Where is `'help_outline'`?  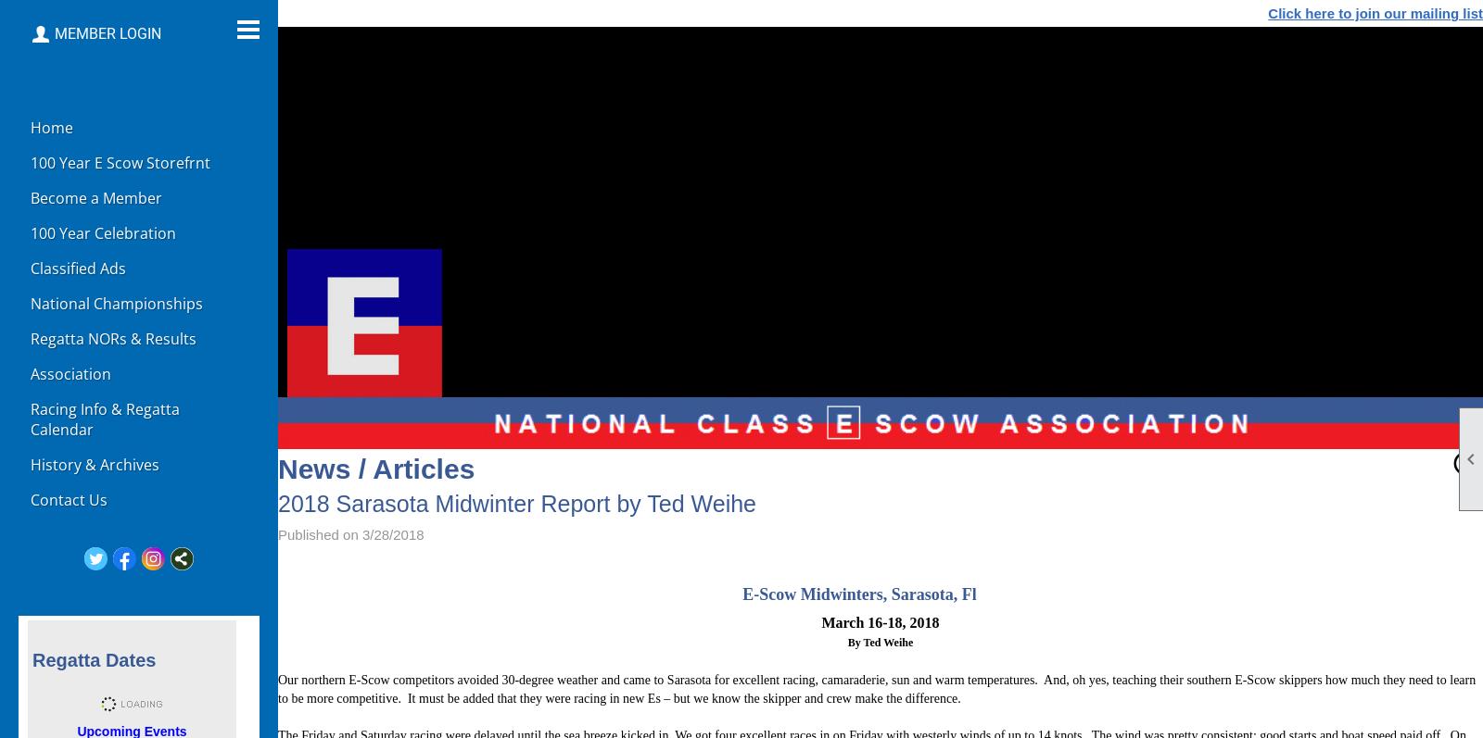 'help_outline' is located at coordinates (1465, 461).